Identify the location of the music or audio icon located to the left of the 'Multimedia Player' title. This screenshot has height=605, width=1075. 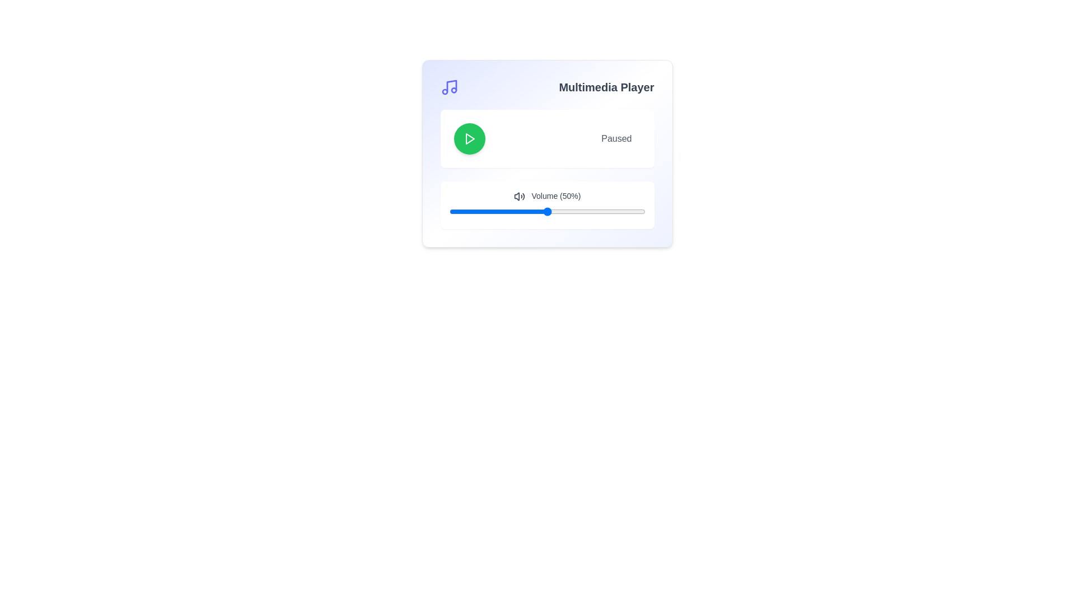
(449, 86).